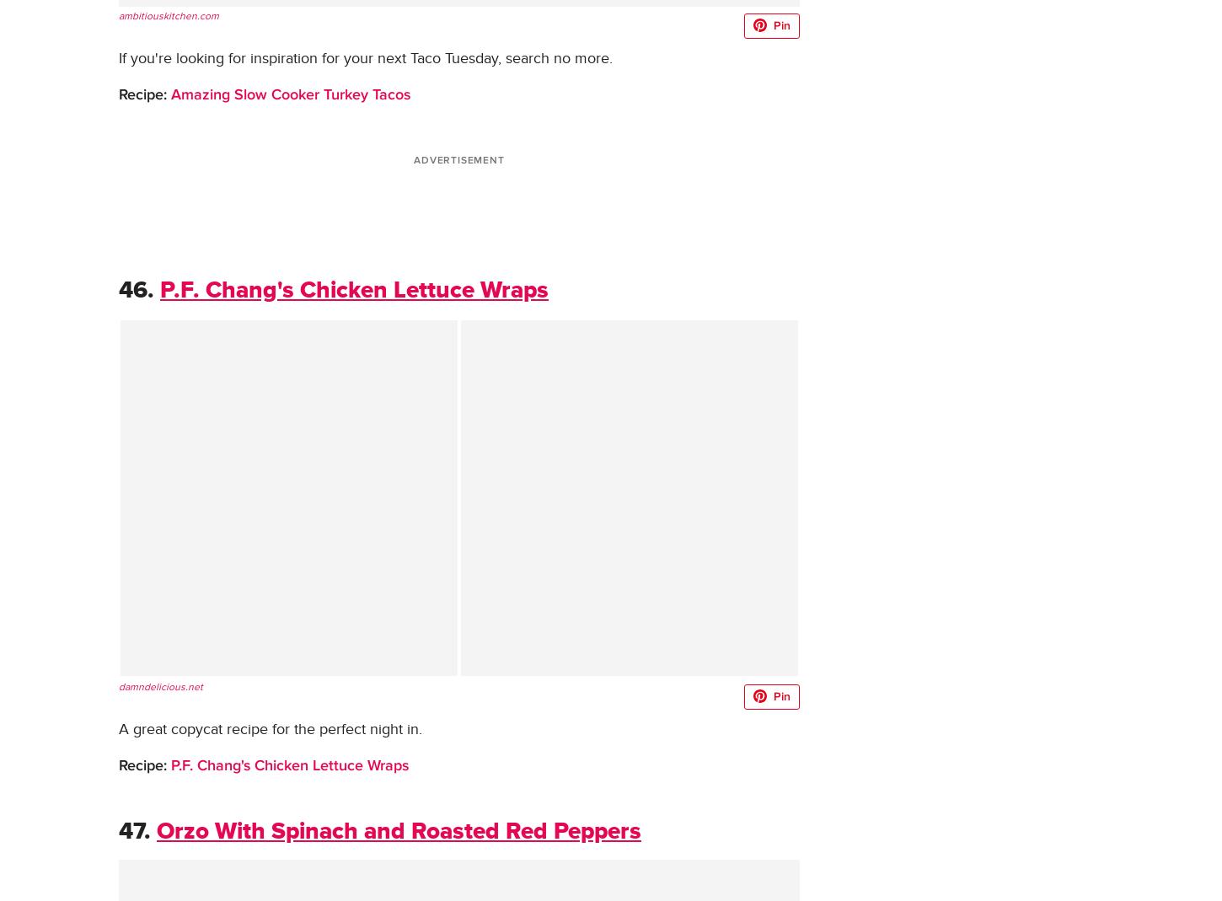 The height and width of the screenshot is (901, 1222). I want to click on 'ADVERTISEMENT', so click(458, 159).